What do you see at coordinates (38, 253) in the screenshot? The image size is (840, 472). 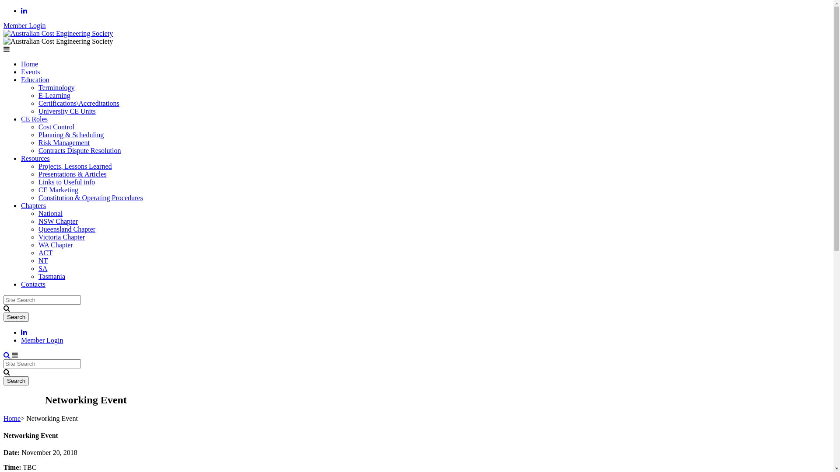 I see `'ACT'` at bounding box center [38, 253].